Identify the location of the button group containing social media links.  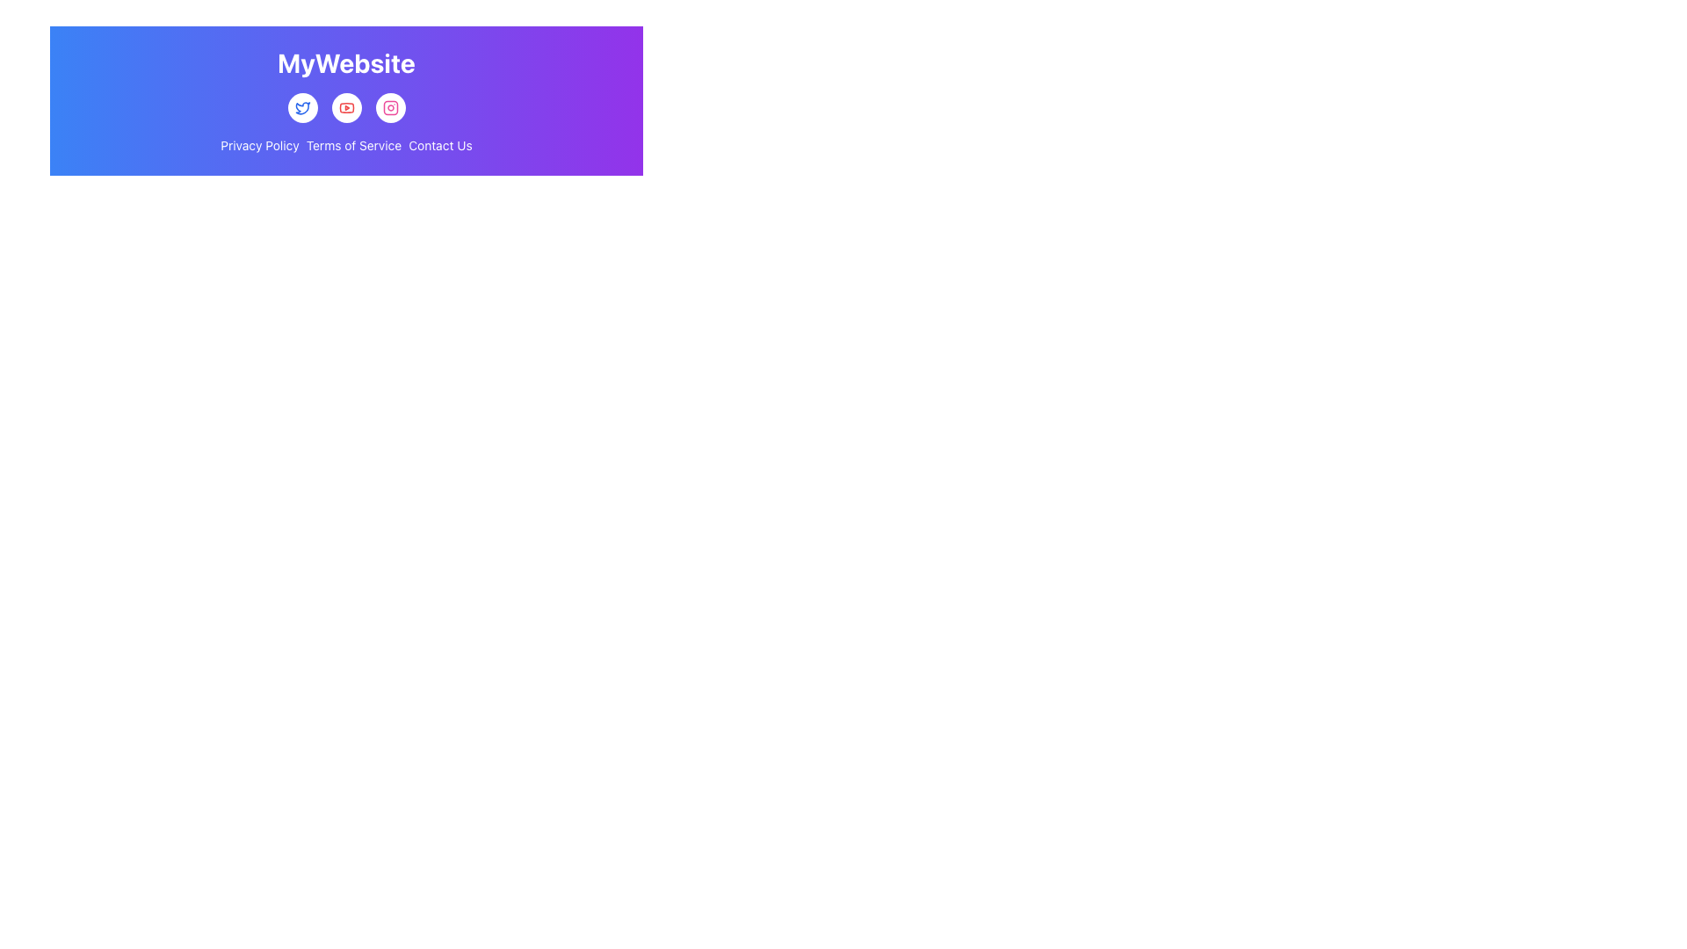
(346, 108).